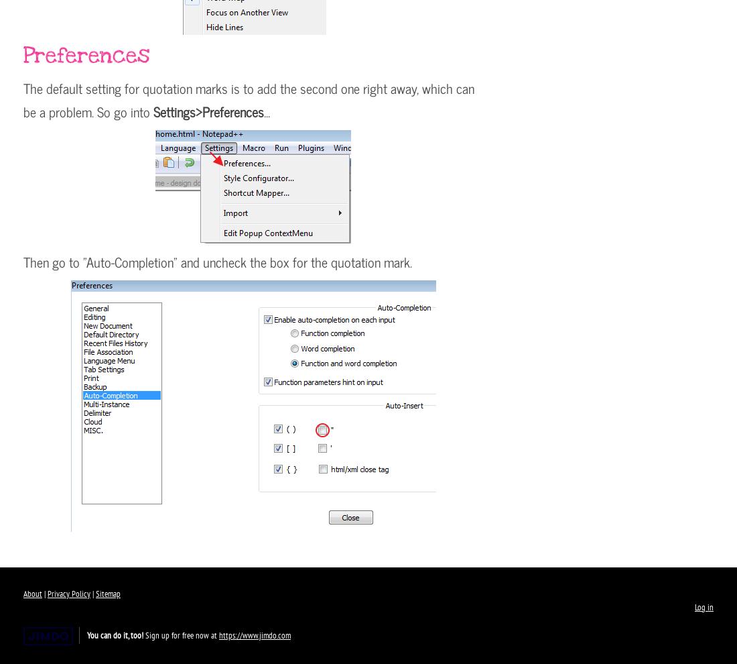 Image resolution: width=737 pixels, height=664 pixels. I want to click on 'About', so click(31, 594).